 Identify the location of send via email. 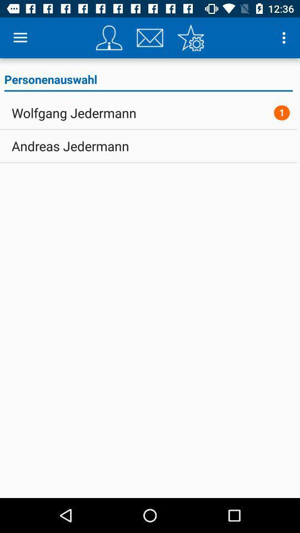
(150, 38).